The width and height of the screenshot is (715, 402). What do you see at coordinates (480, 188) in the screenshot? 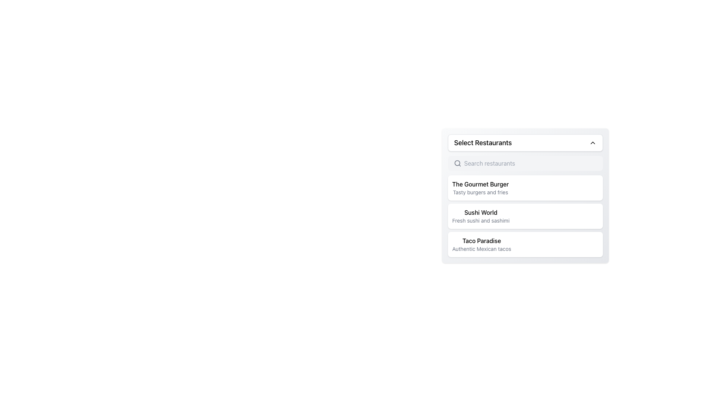
I see `the selectable restaurant option labeled 'The Gourmet Burger' in the interactive list` at bounding box center [480, 188].